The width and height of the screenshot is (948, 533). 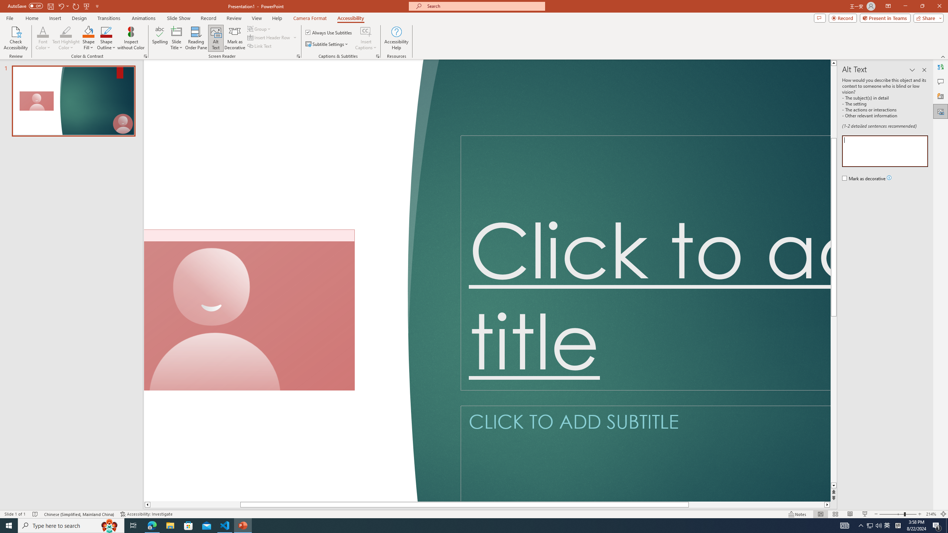 I want to click on 'Inspect without Color', so click(x=131, y=38).